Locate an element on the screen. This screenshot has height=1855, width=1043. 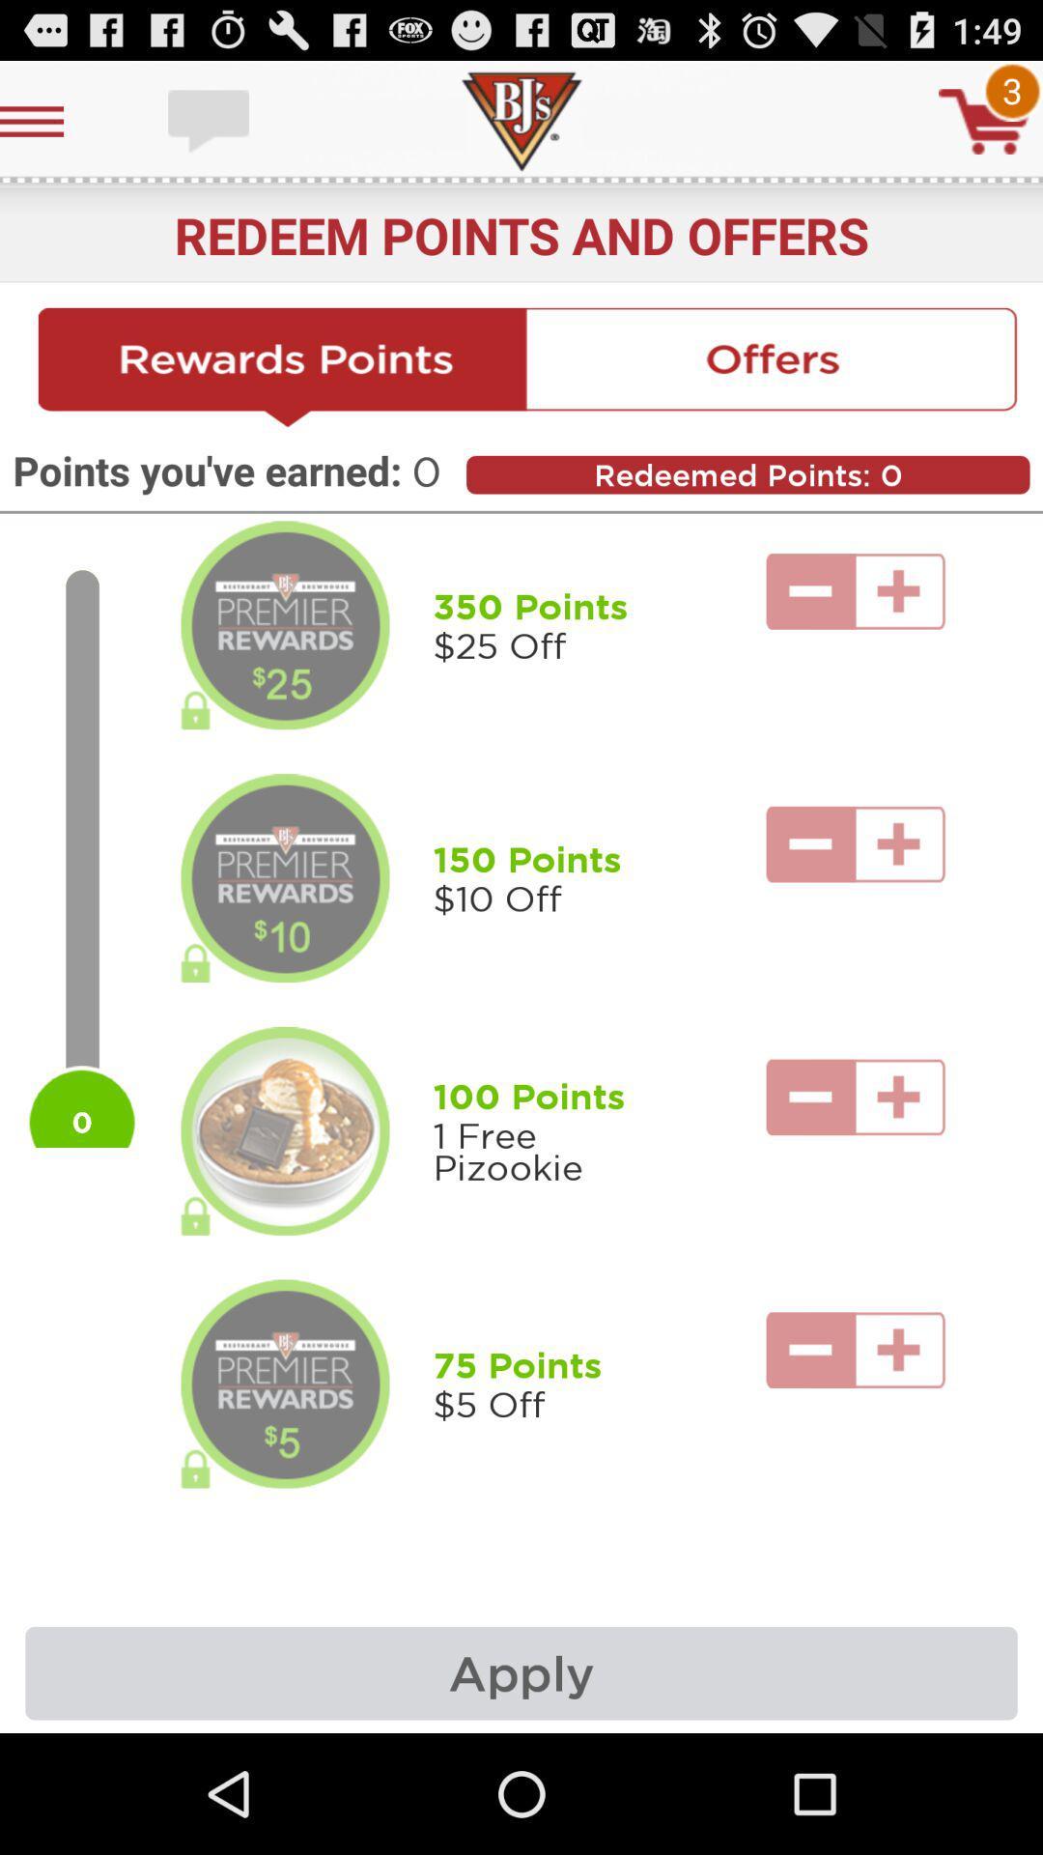
redeem reward is located at coordinates (285, 1131).